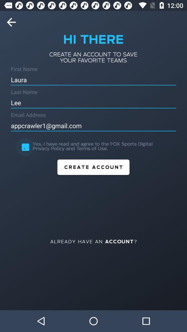  Describe the element at coordinates (14, 22) in the screenshot. I see `go back` at that location.